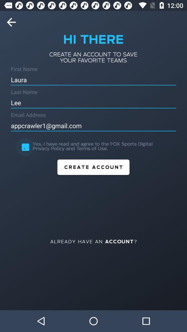  Describe the element at coordinates (14, 22) in the screenshot. I see `go back` at that location.